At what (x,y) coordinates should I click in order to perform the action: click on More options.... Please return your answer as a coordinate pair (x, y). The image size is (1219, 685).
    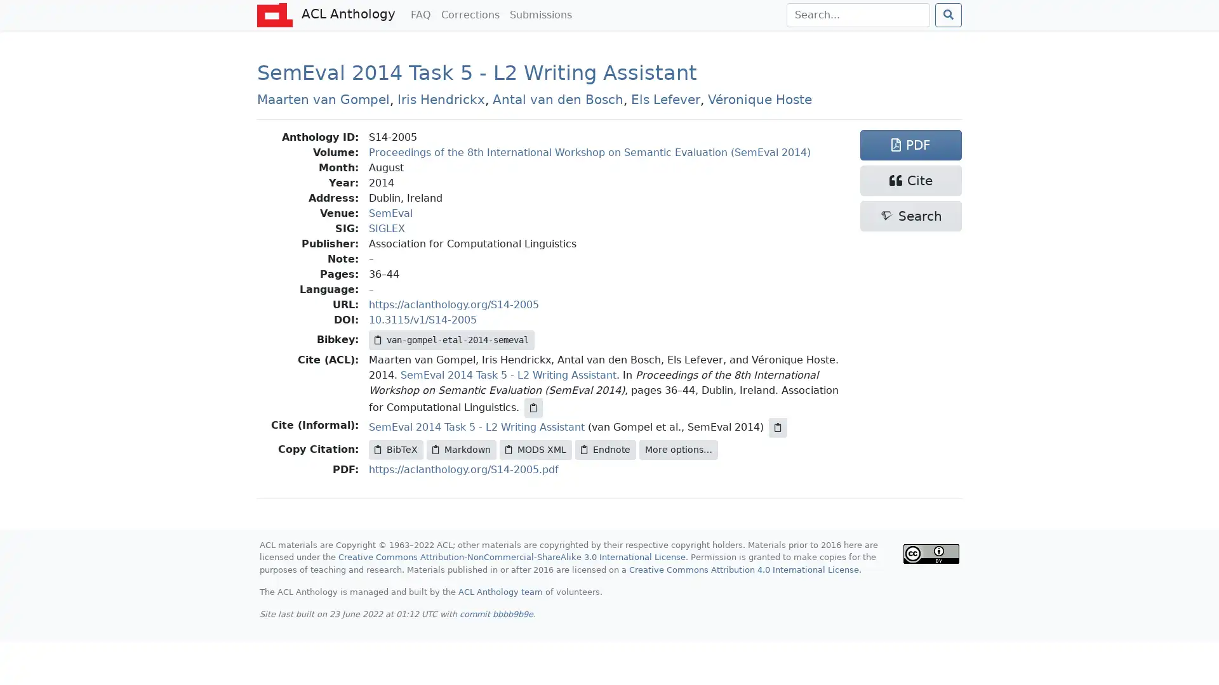
    Looking at the image, I should click on (678, 449).